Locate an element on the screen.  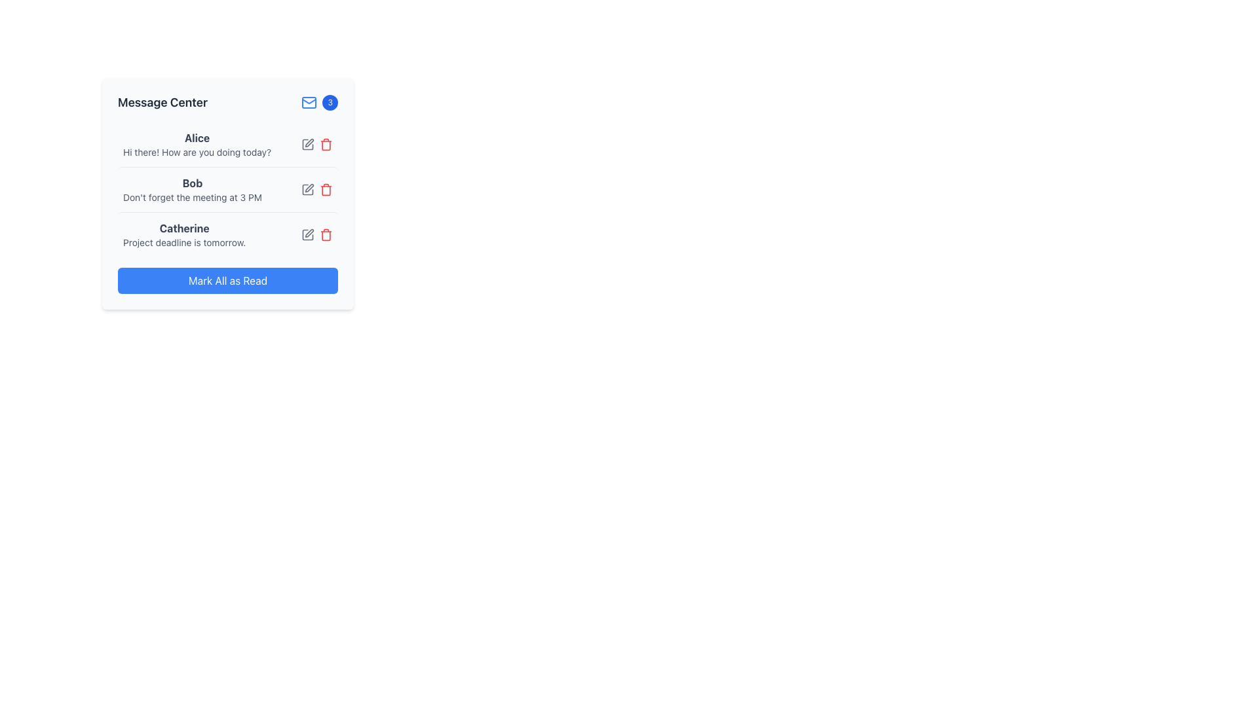
the Text element displaying 'Bob' and the message 'Don't forget the meeting at 3 PM' located in the second row of the message list in the 'Message Center' panel is located at coordinates (191, 189).